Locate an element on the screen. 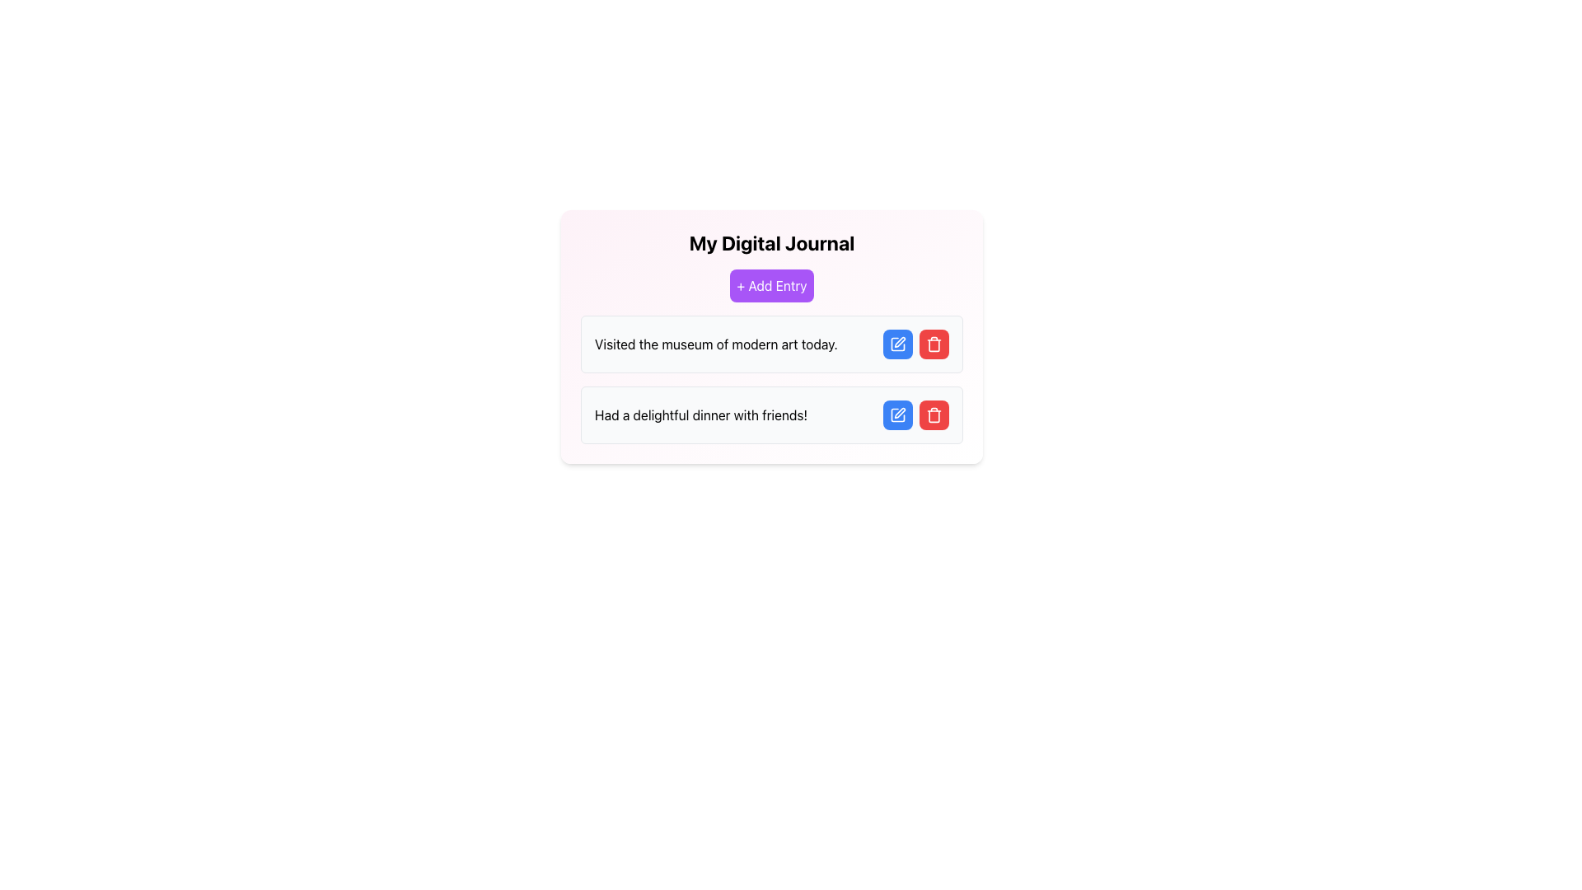  the delete button located in the second row of the journal interface, to observe the hover effect is located at coordinates (934, 415).